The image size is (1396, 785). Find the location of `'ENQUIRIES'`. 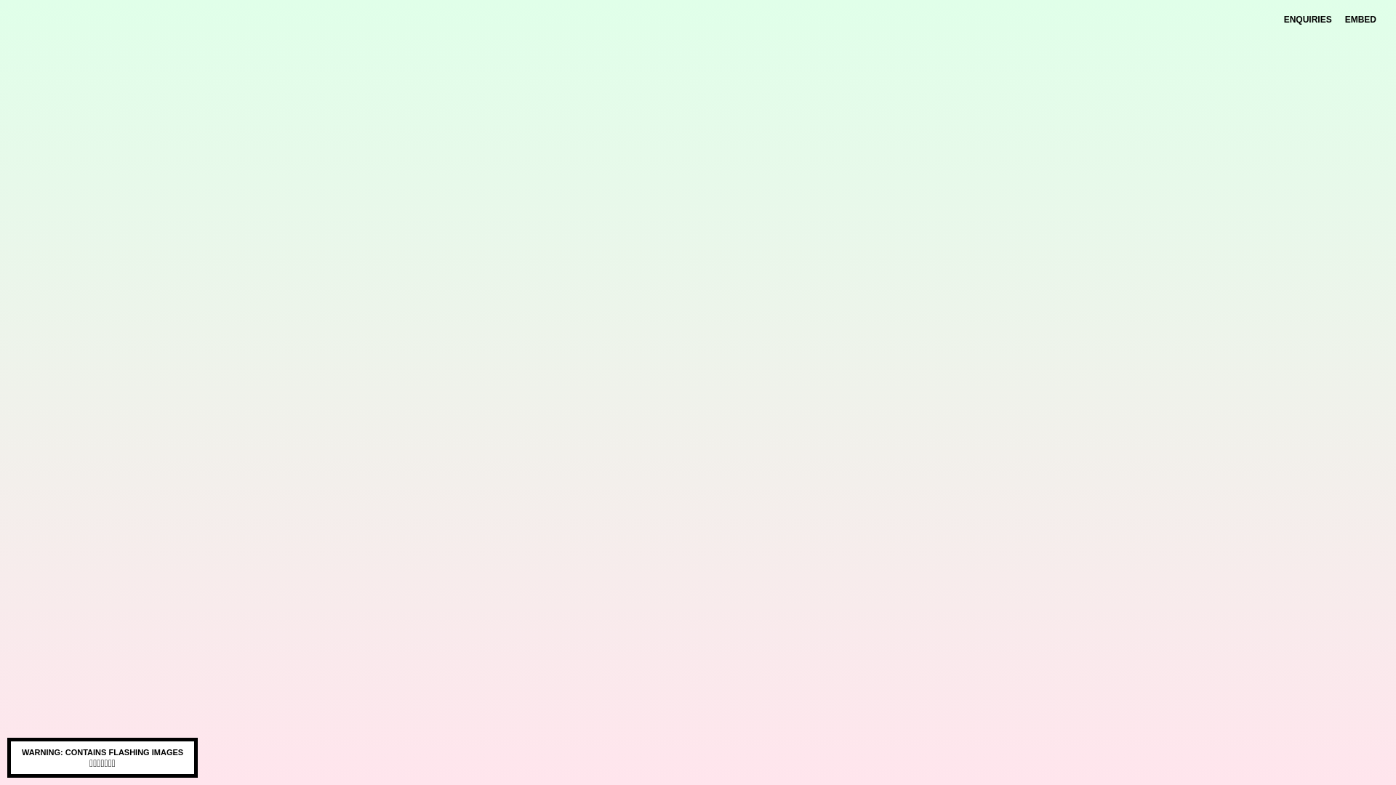

'ENQUIRIES' is located at coordinates (1308, 20).